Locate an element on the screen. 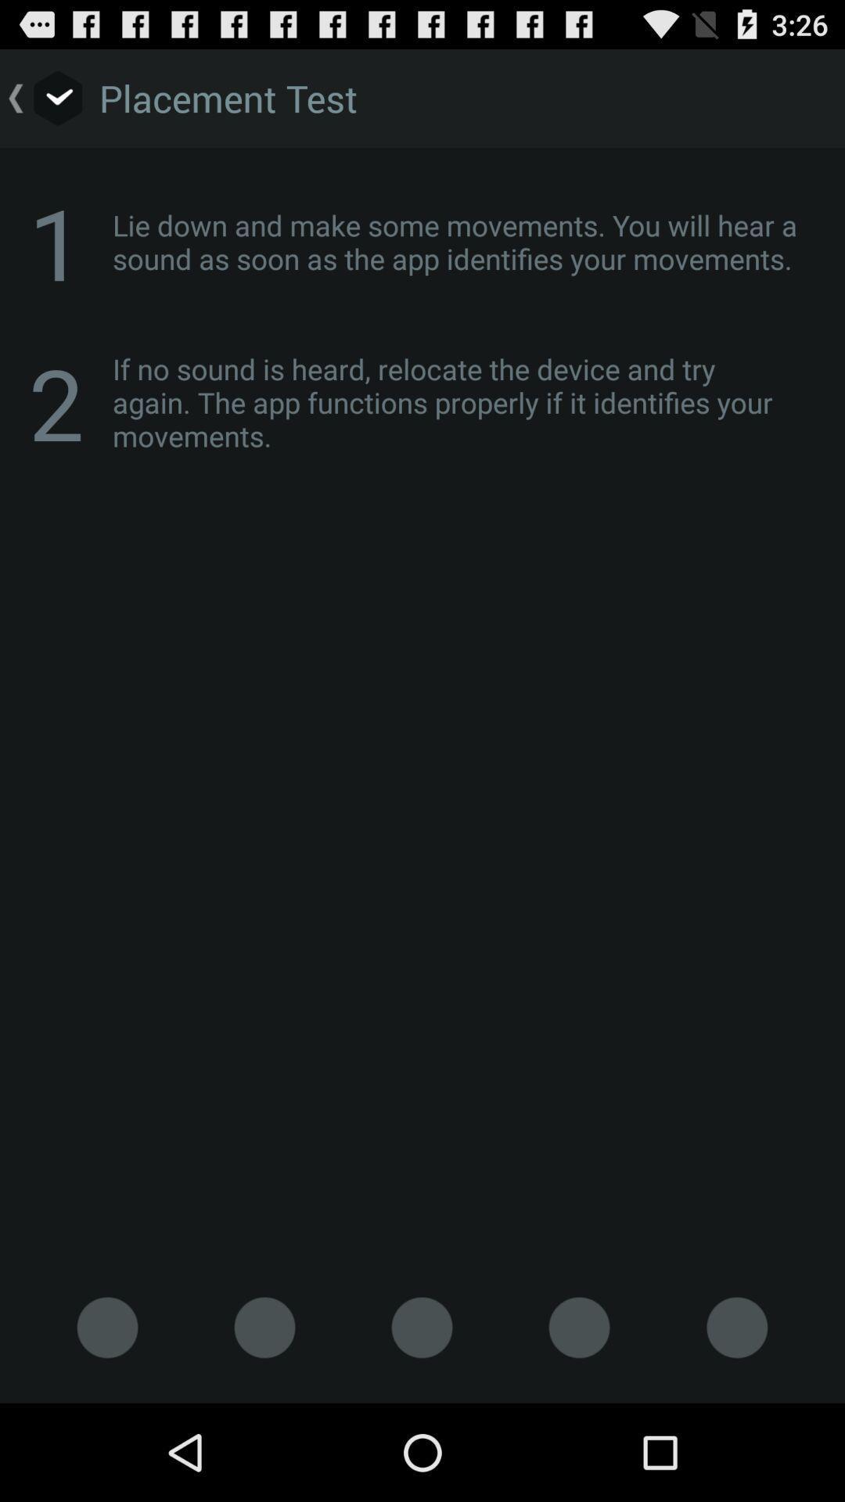 The width and height of the screenshot is (845, 1502). second circle button from the bottom left corner is located at coordinates (264, 1327).